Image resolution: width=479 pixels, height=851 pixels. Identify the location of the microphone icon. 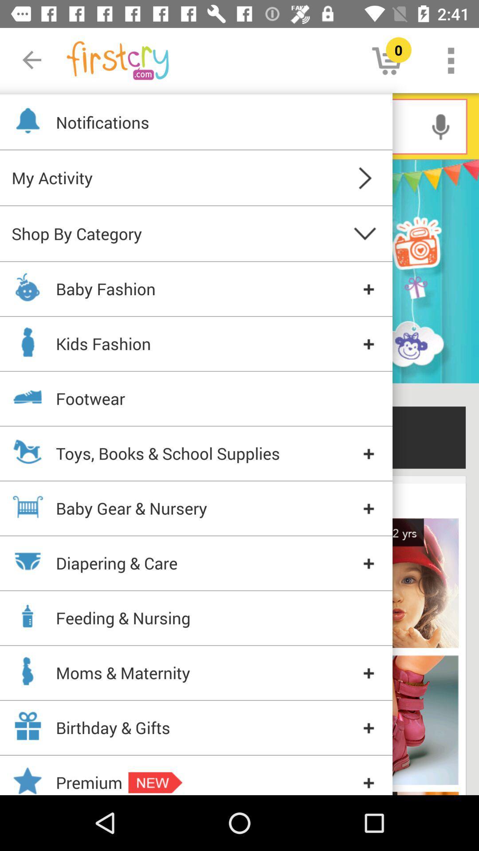
(440, 126).